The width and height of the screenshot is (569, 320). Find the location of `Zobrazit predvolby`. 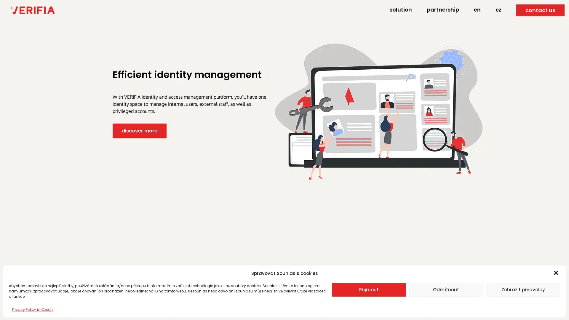

Zobrazit predvolby is located at coordinates (523, 289).